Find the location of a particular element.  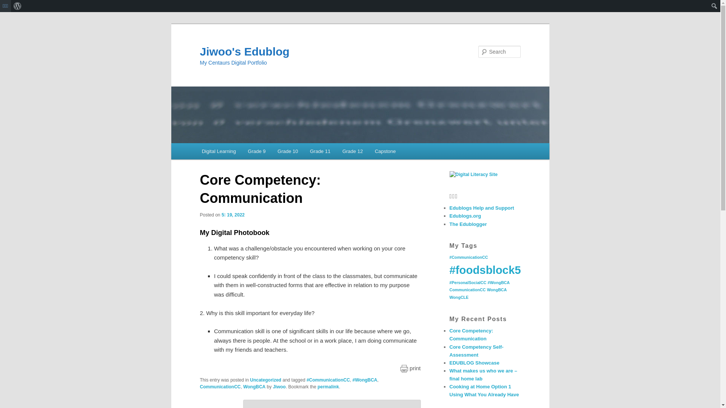

'permalink' is located at coordinates (328, 386).